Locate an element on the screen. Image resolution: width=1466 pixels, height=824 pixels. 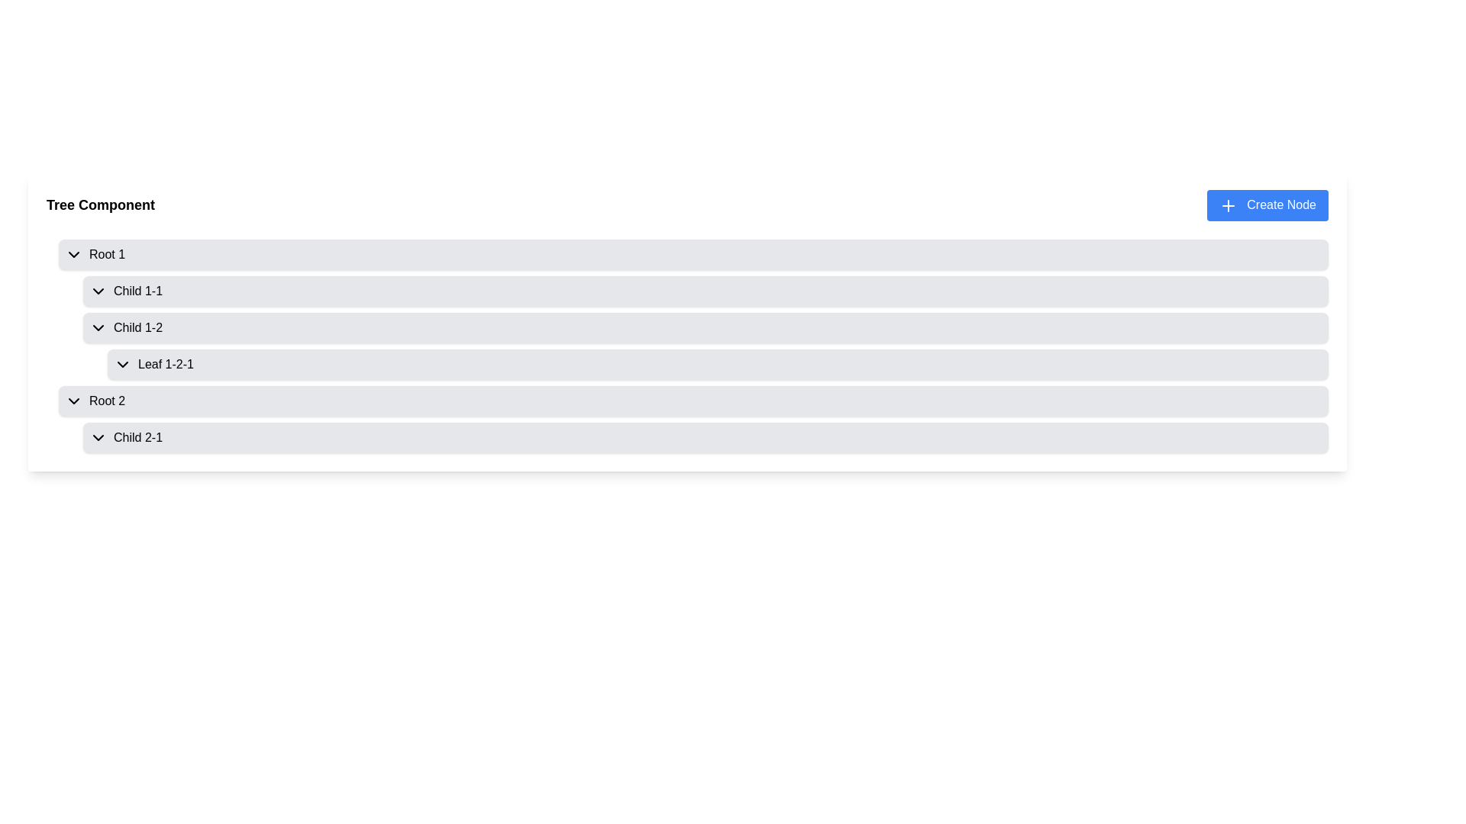
the downward-pointing chevron icon before the text 'Root 1' is located at coordinates (73, 253).